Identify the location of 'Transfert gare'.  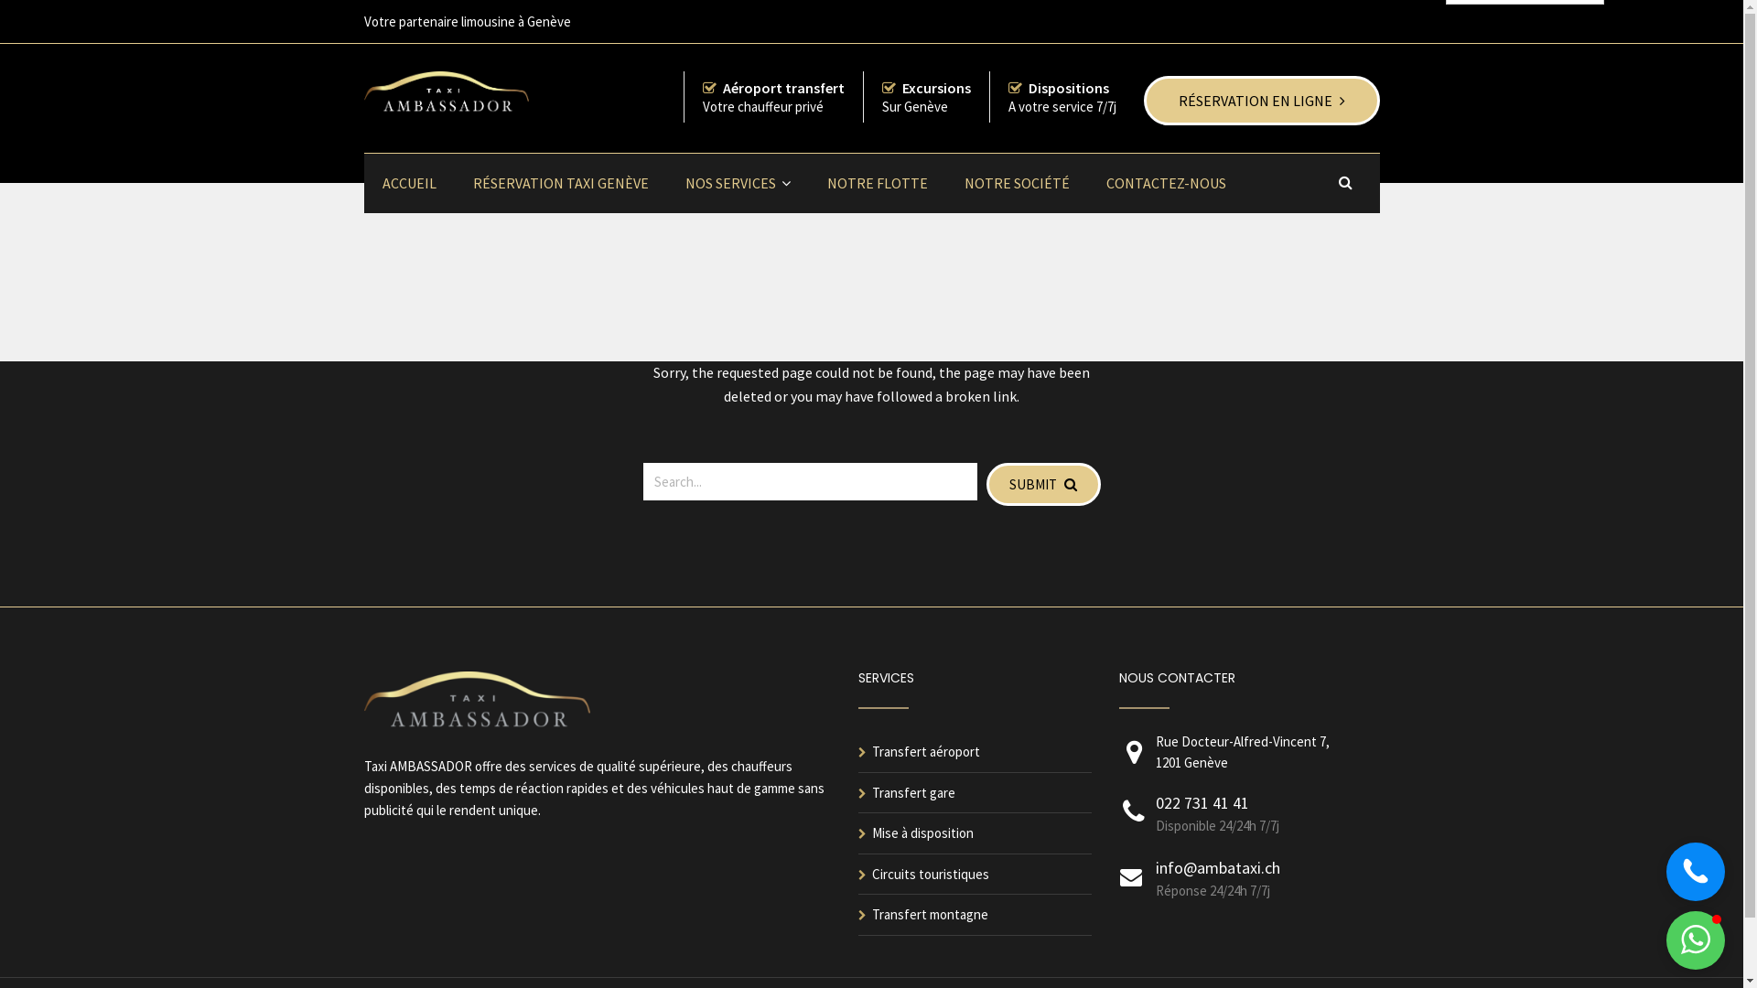
(912, 791).